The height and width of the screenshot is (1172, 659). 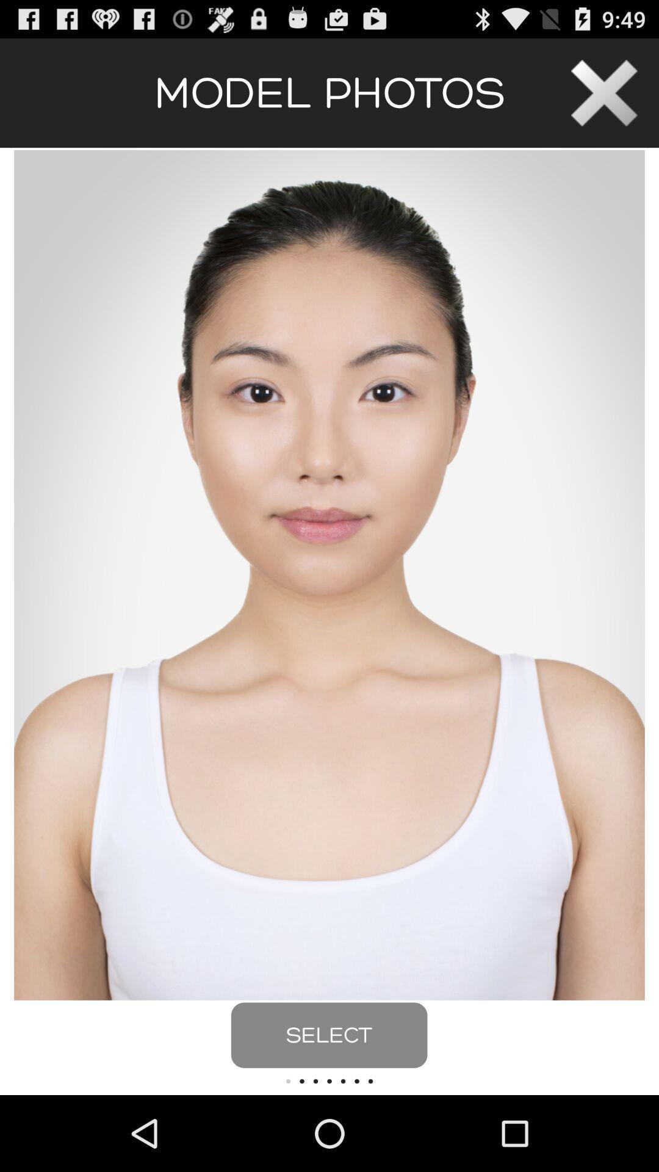 What do you see at coordinates (328, 1035) in the screenshot?
I see `select item` at bounding box center [328, 1035].